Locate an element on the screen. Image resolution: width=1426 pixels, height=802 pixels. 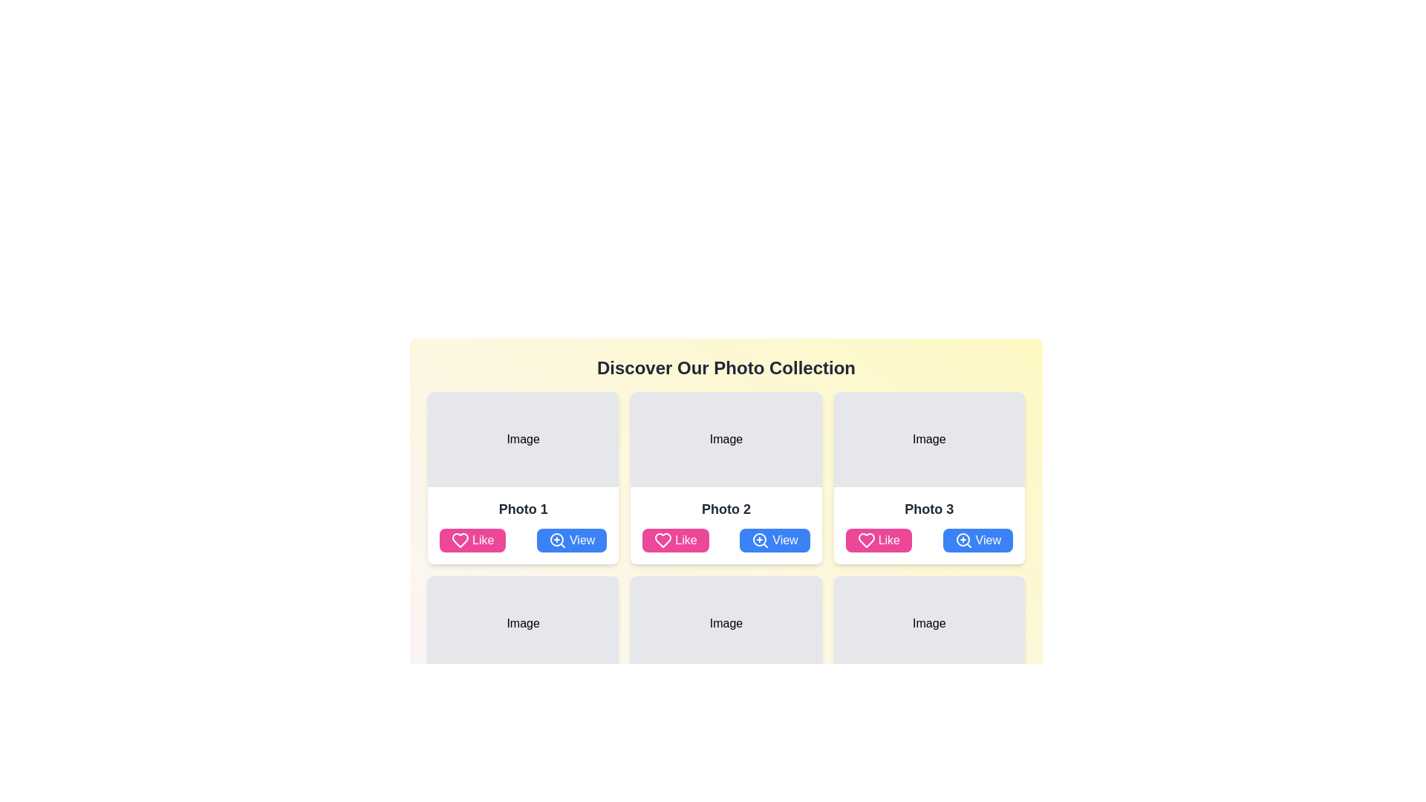
the heart icon representing the 'Like' action for the photo under the third photo in the first row of the photo collection grid is located at coordinates (866, 541).